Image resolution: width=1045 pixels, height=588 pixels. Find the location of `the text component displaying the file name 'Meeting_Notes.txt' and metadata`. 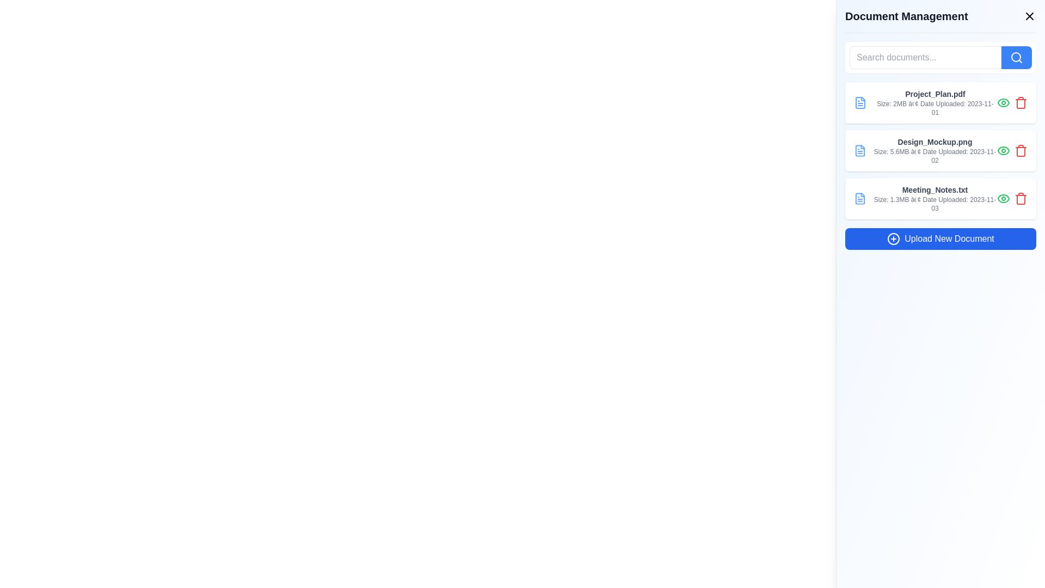

the text component displaying the file name 'Meeting_Notes.txt' and metadata is located at coordinates (935, 199).